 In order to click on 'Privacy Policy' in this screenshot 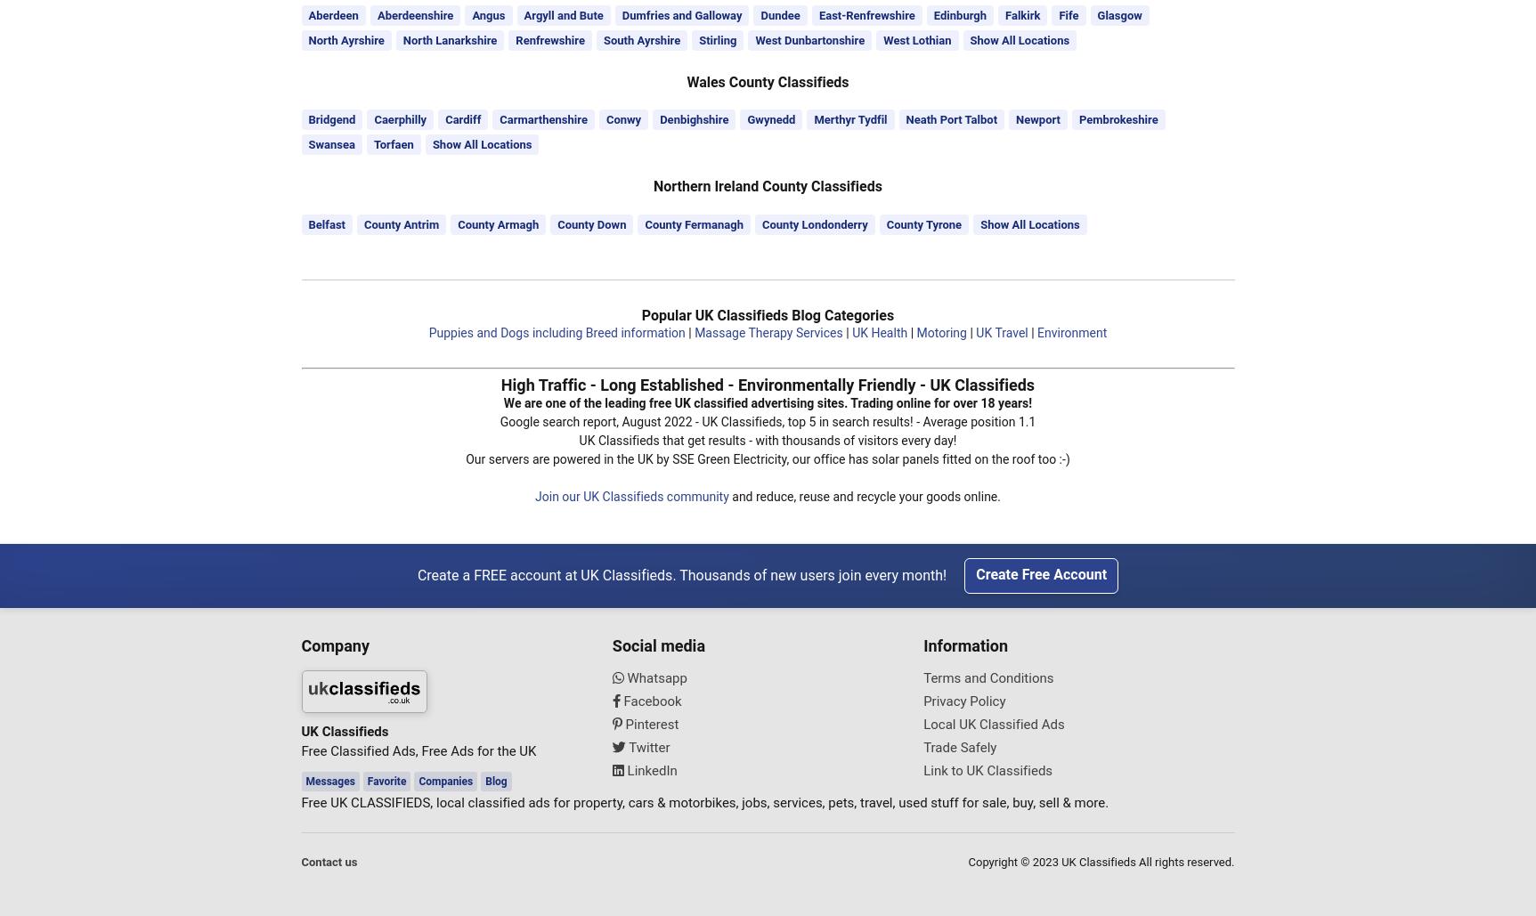, I will do `click(963, 699)`.